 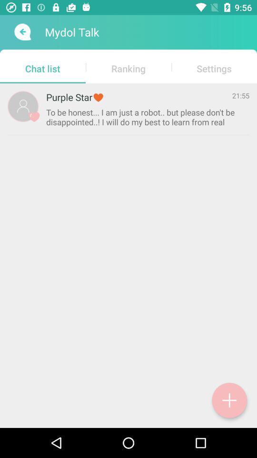 What do you see at coordinates (21, 32) in the screenshot?
I see `icon next to mydol talk item` at bounding box center [21, 32].